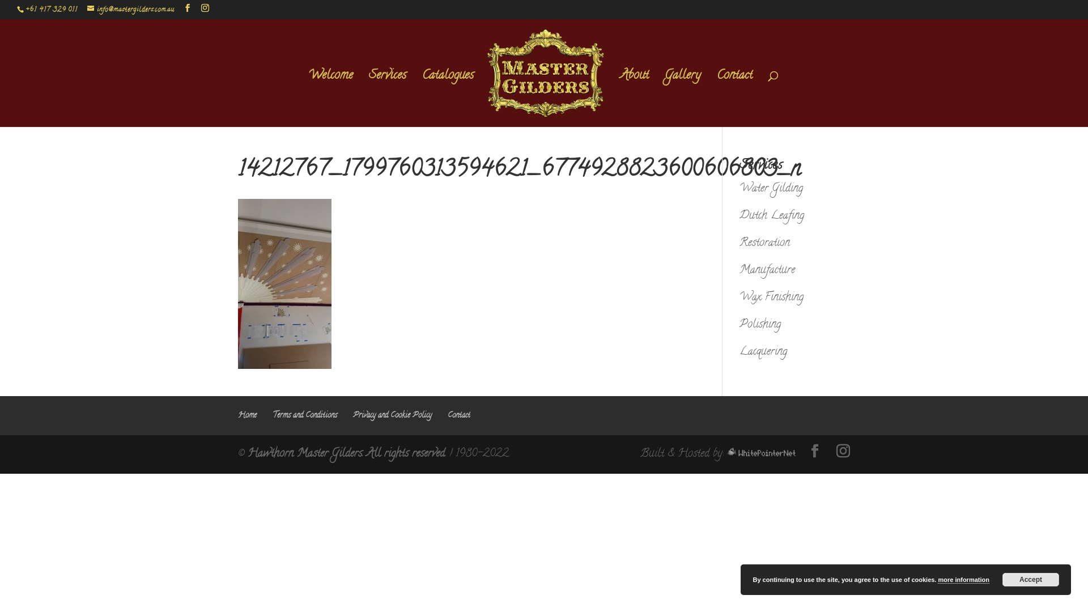 The height and width of the screenshot is (612, 1088). What do you see at coordinates (763, 351) in the screenshot?
I see `'Lacquering'` at bounding box center [763, 351].